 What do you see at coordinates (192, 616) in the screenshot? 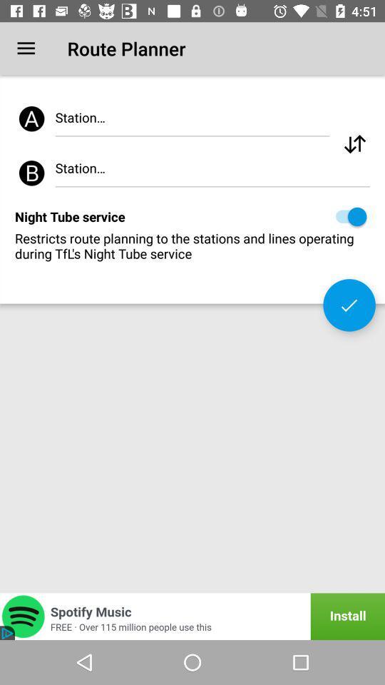
I see `click install spotify` at bounding box center [192, 616].